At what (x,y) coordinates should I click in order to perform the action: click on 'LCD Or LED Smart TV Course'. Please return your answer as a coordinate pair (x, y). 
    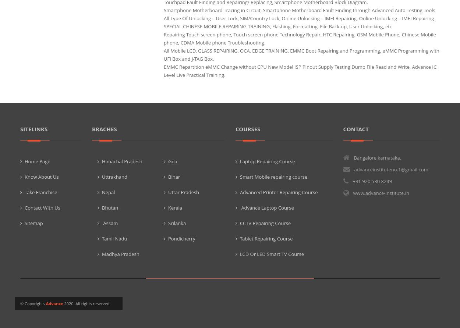
    Looking at the image, I should click on (271, 254).